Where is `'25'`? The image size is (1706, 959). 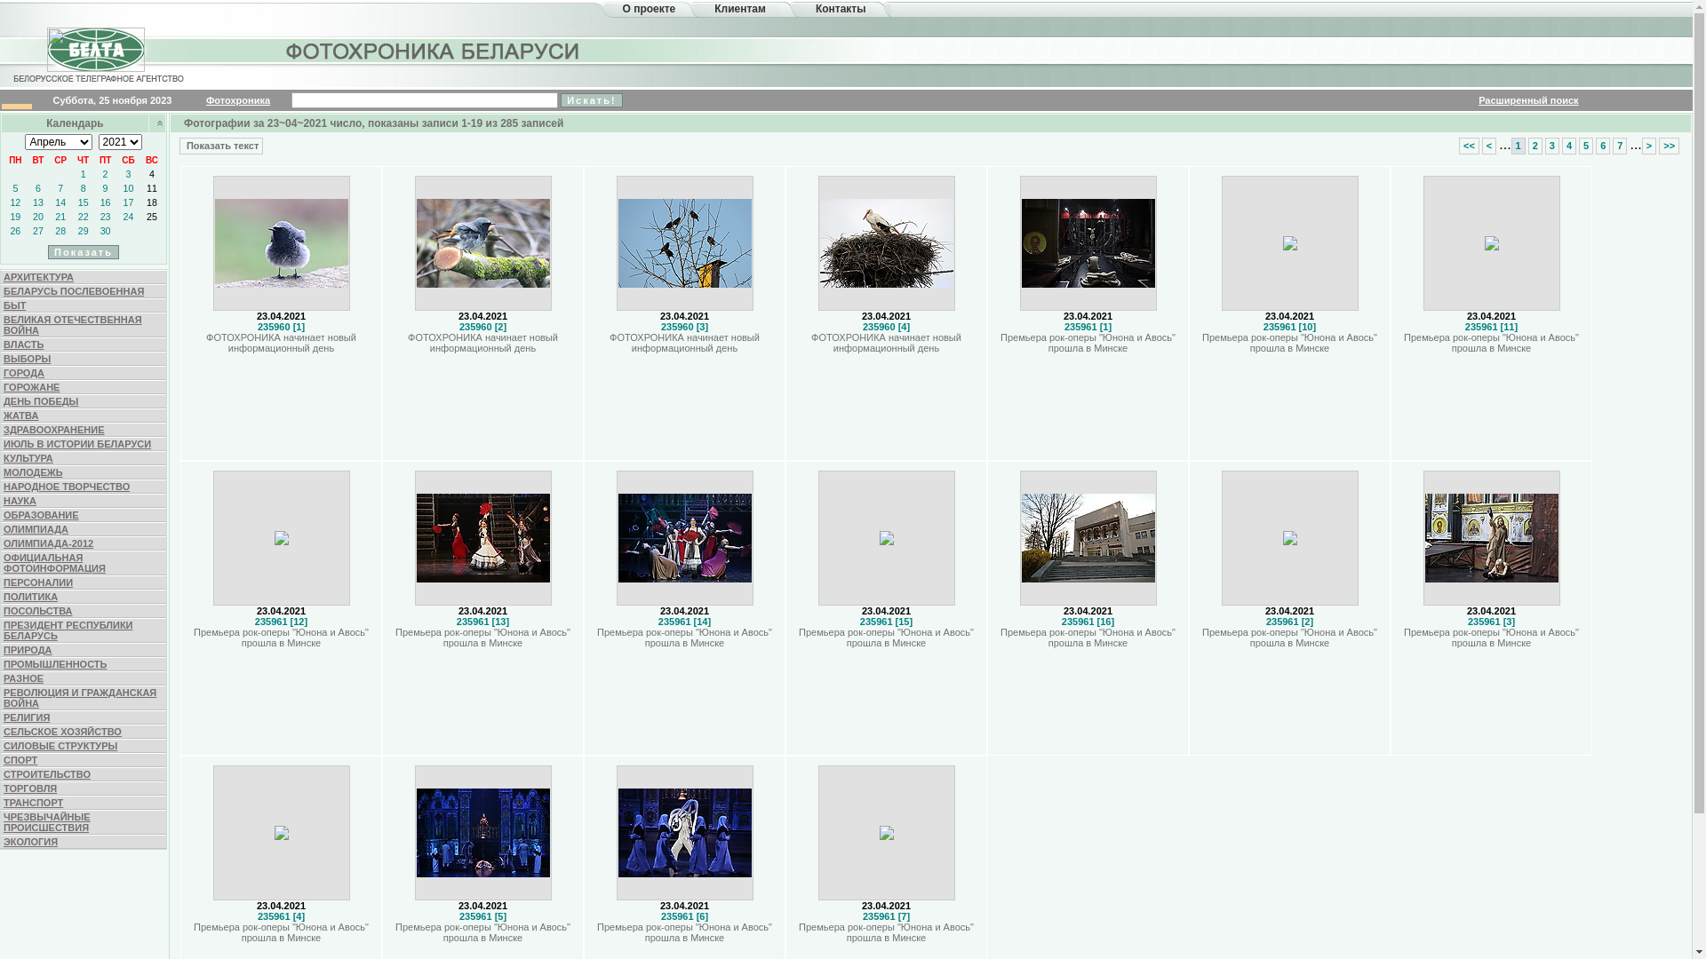
'25' is located at coordinates (146, 215).